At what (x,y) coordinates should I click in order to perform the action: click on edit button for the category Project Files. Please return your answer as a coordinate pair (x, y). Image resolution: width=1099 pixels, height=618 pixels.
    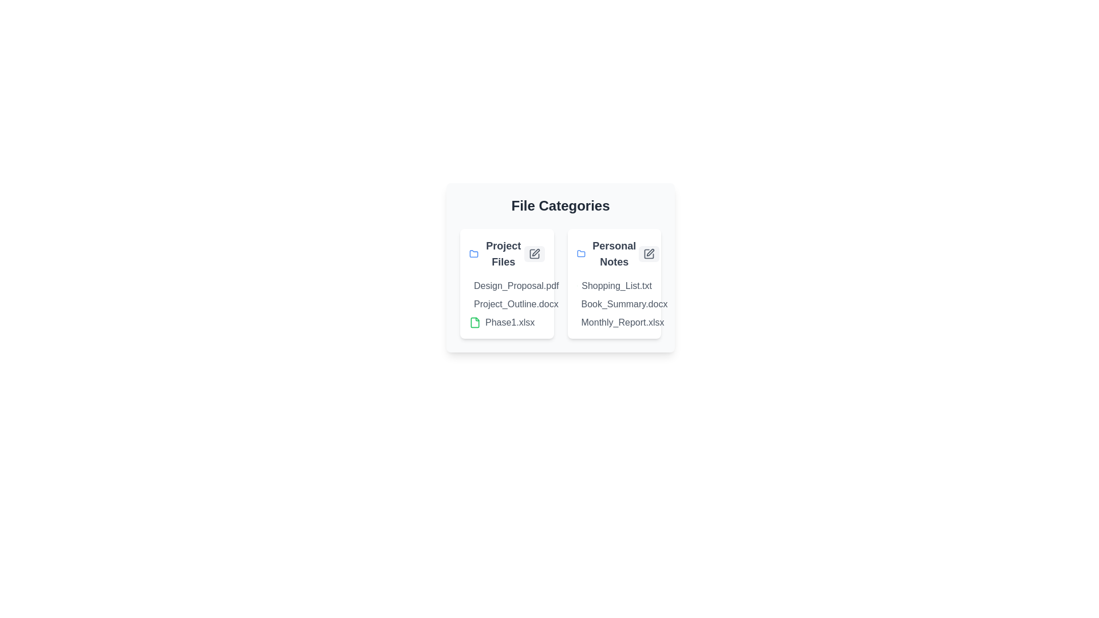
    Looking at the image, I should click on (533, 253).